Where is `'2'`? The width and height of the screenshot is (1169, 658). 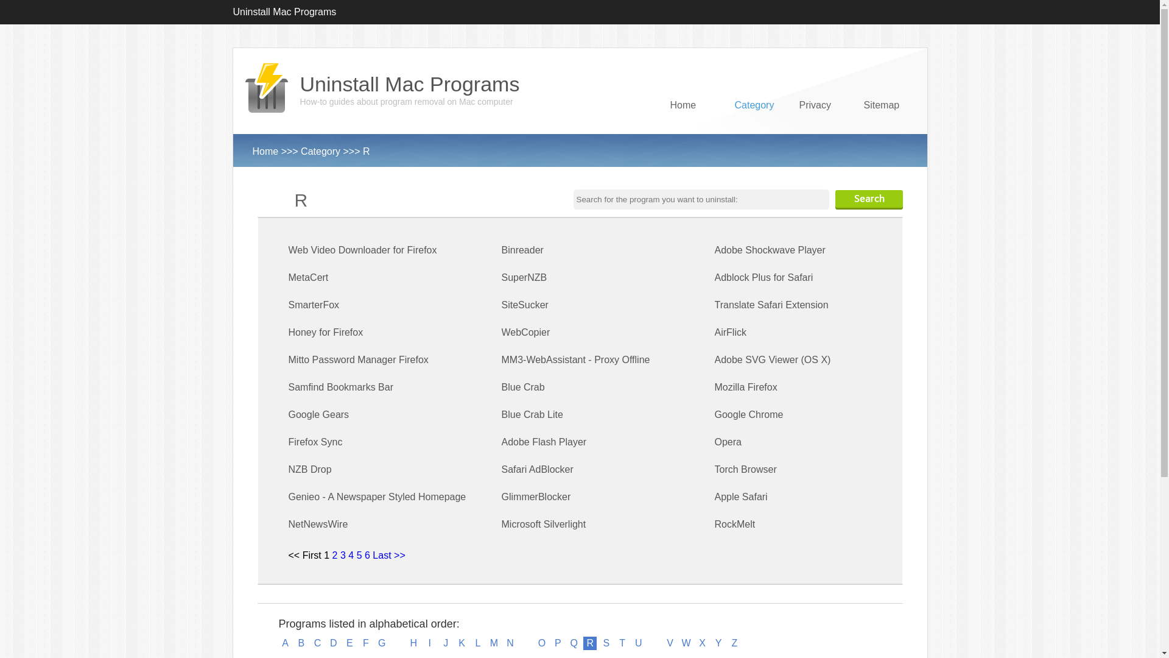 '2' is located at coordinates (335, 555).